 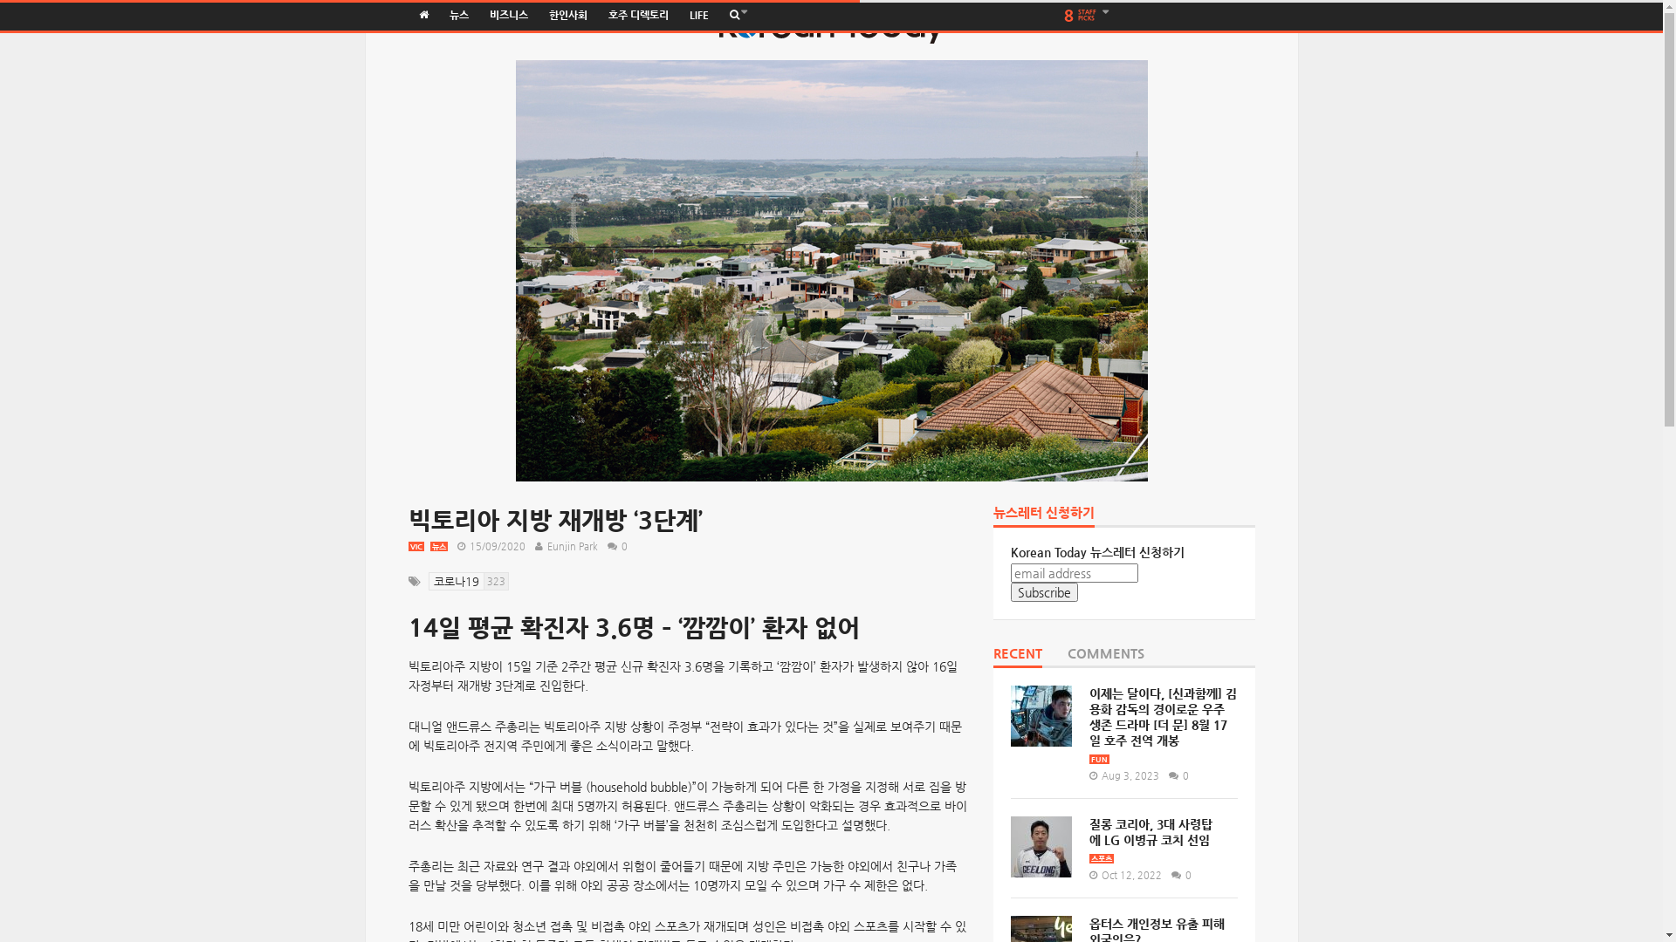 What do you see at coordinates (614, 545) in the screenshot?
I see `'0'` at bounding box center [614, 545].